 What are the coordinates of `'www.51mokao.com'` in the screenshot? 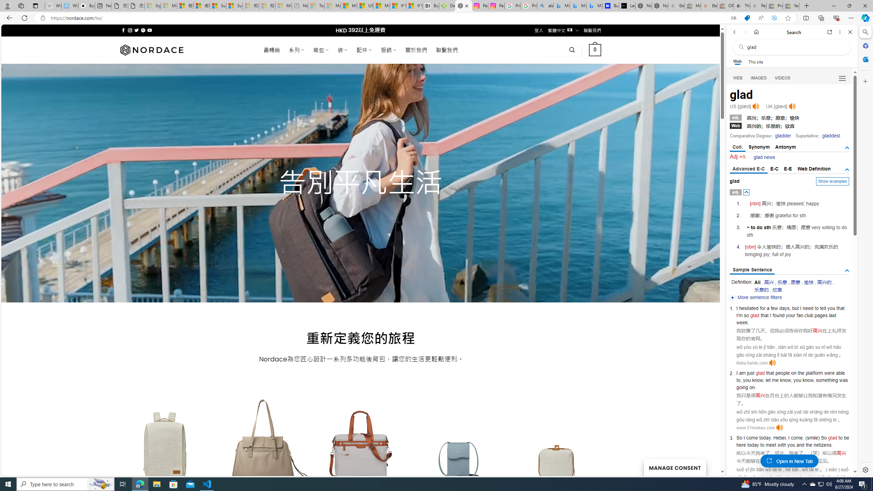 It's located at (755, 427).